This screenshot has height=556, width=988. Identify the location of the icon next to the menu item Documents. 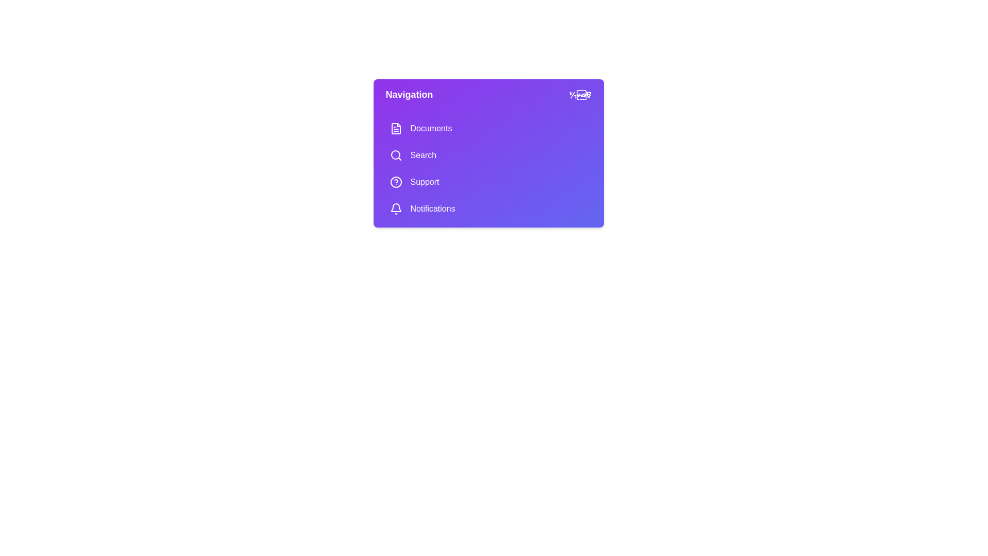
(395, 128).